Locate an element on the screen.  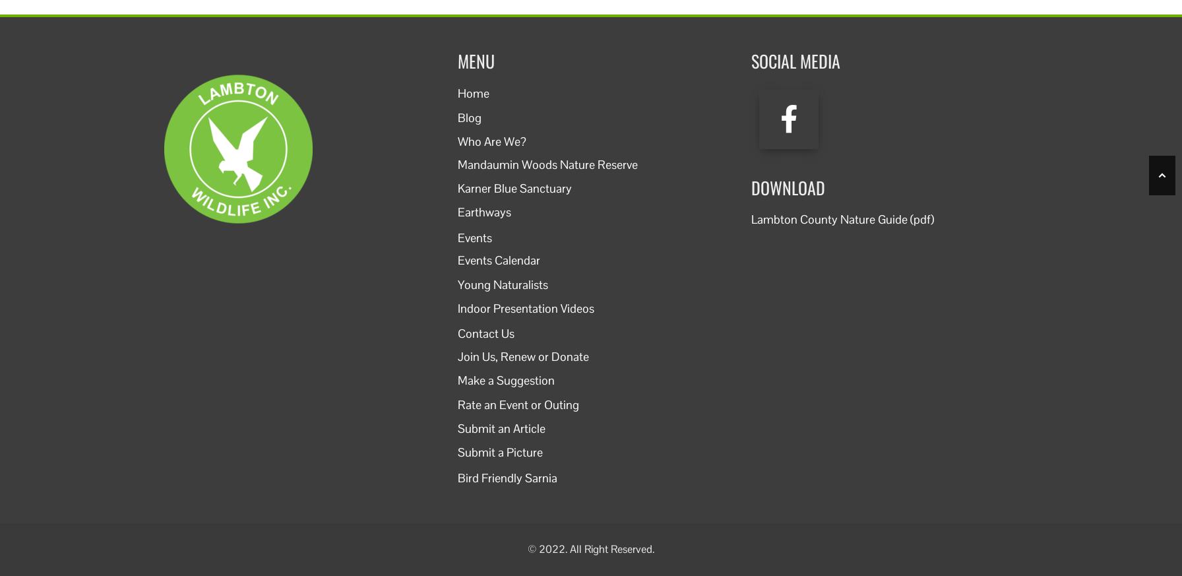
'Home' is located at coordinates (474, 93).